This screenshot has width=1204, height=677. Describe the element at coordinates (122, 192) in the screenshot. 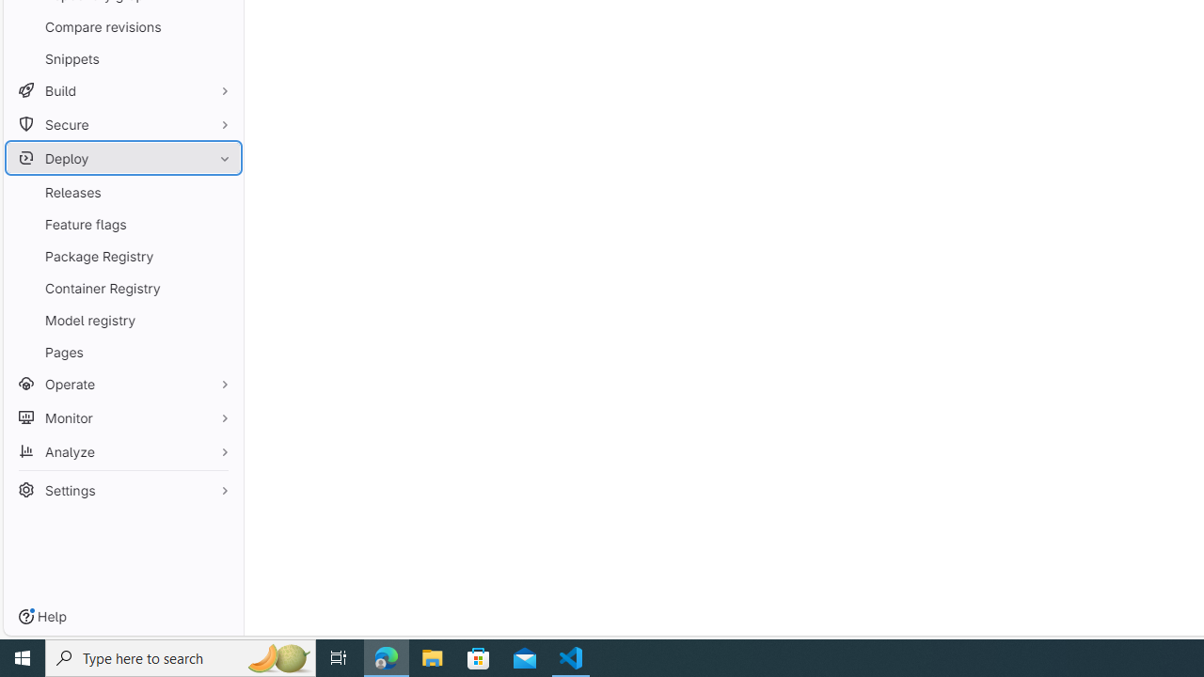

I see `'Releases'` at that location.